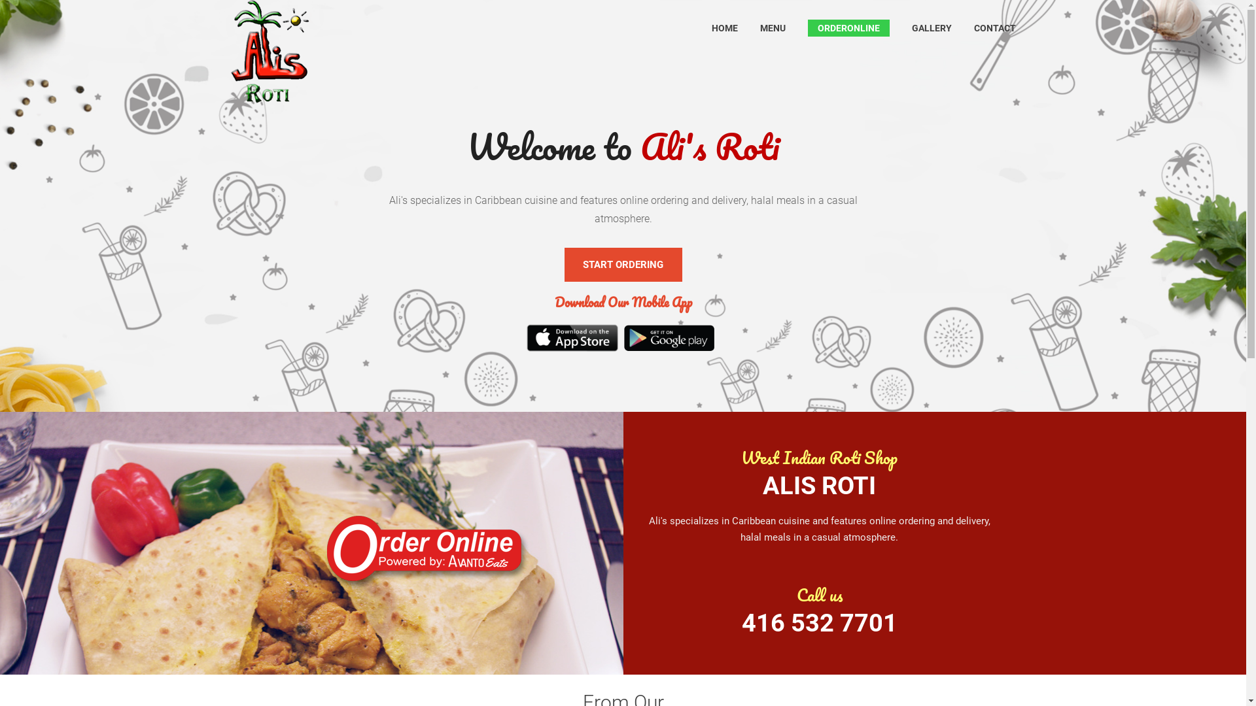 This screenshot has height=706, width=1256. Describe the element at coordinates (994, 27) in the screenshot. I see `'CONTACT'` at that location.